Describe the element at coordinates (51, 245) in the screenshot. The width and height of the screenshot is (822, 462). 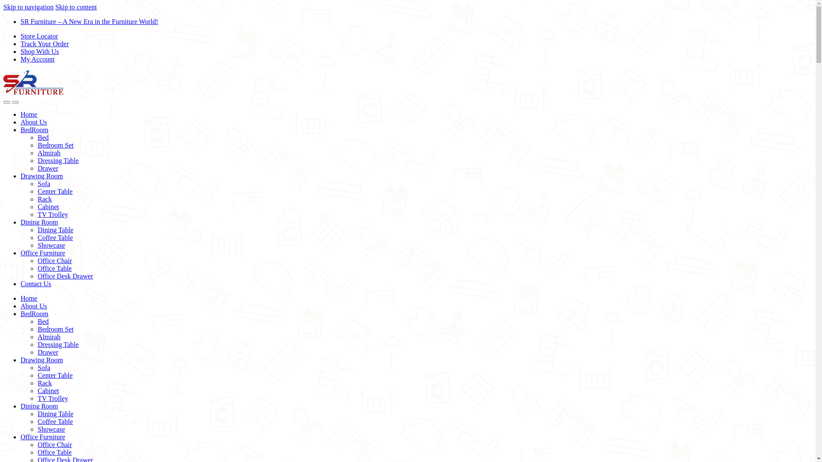
I see `'Showcase'` at that location.